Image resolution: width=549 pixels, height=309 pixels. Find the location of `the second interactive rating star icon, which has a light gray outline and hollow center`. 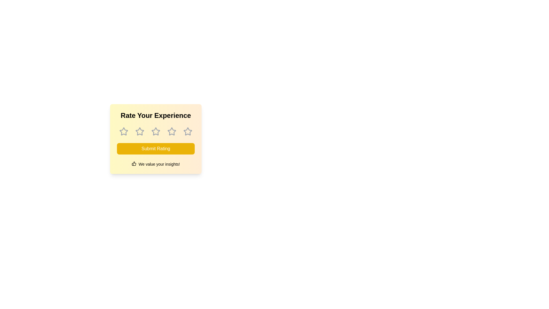

the second interactive rating star icon, which has a light gray outline and hollow center is located at coordinates (140, 131).